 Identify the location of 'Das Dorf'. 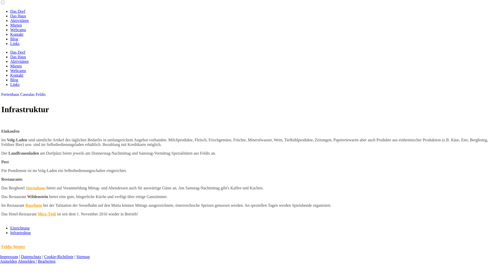
(18, 11).